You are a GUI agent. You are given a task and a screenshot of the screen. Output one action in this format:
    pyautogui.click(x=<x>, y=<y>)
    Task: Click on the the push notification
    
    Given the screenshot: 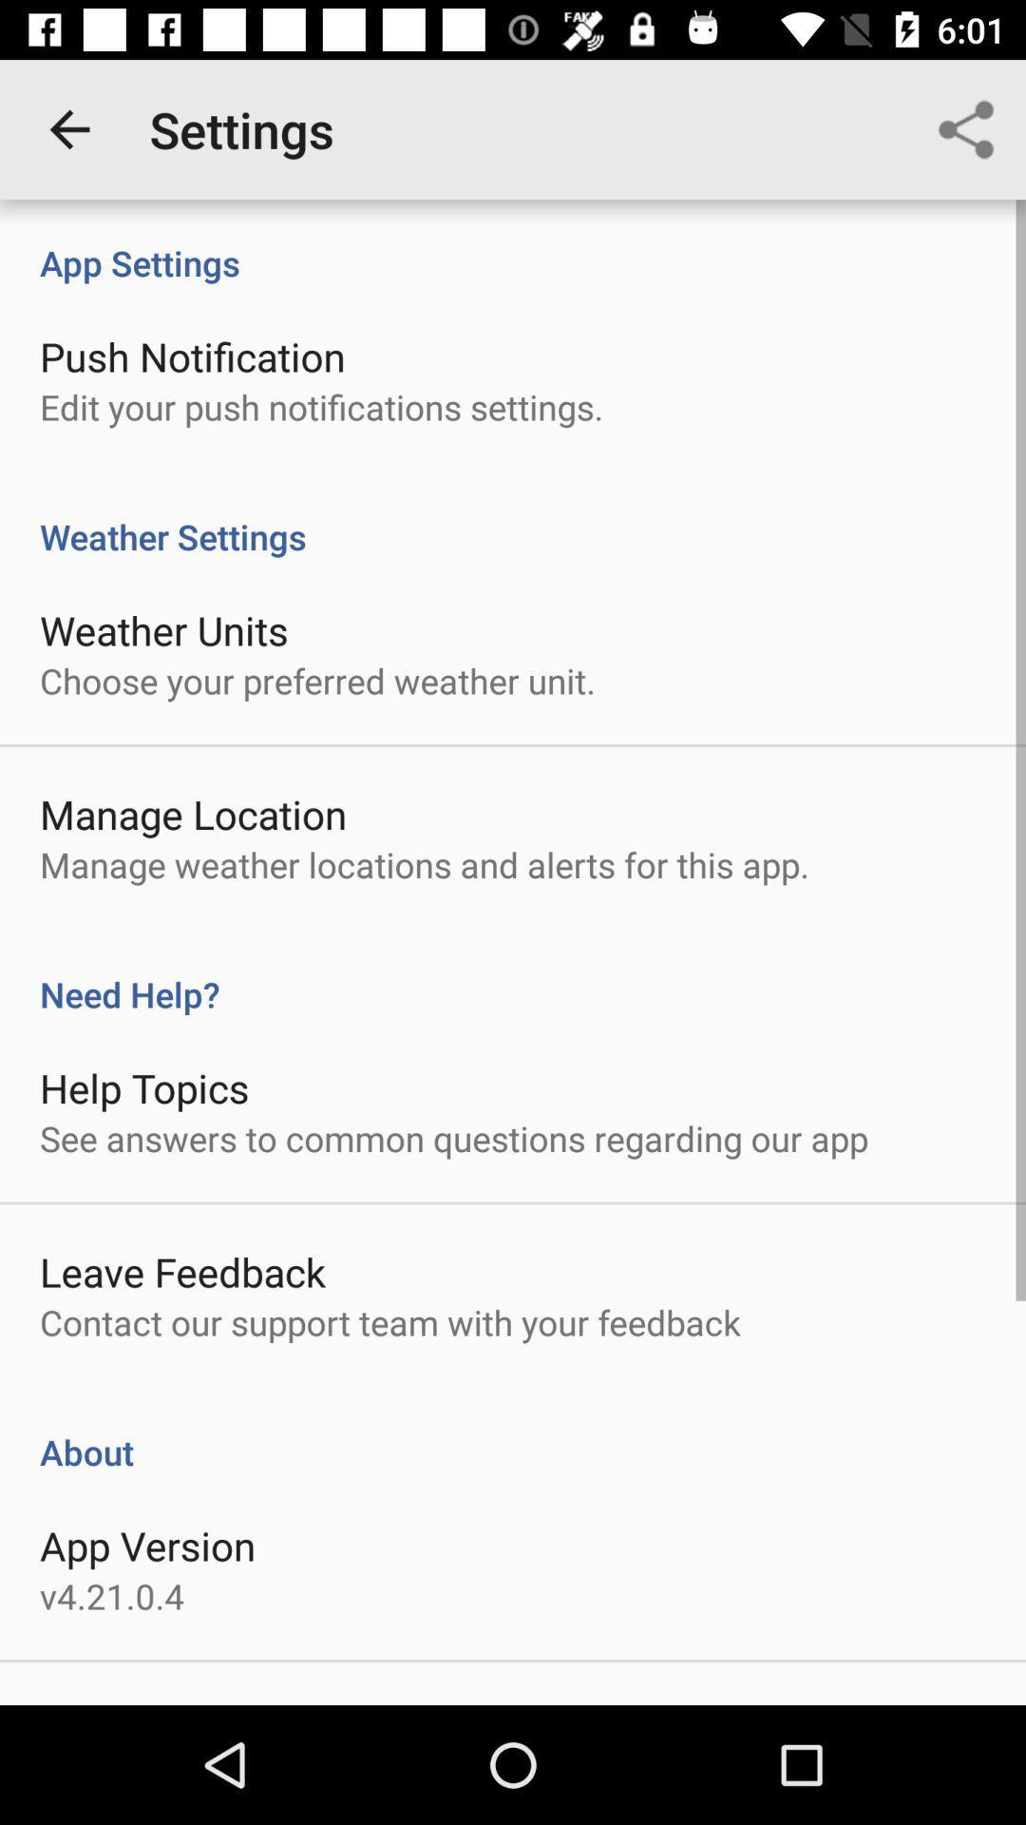 What is the action you would take?
    pyautogui.click(x=192, y=355)
    